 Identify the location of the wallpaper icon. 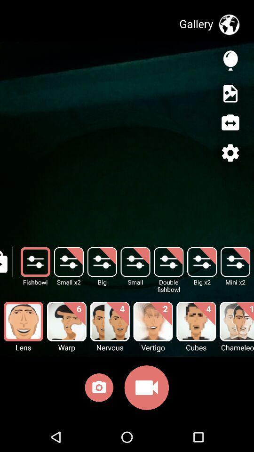
(230, 93).